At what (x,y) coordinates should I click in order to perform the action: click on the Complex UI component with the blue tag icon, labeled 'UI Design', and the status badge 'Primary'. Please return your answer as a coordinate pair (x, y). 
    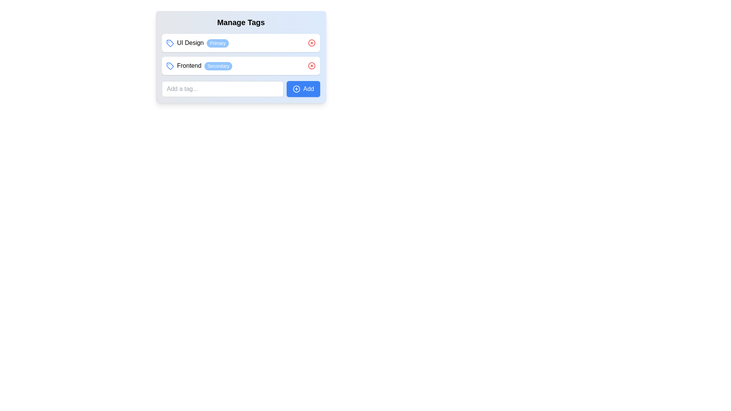
    Looking at the image, I should click on (197, 43).